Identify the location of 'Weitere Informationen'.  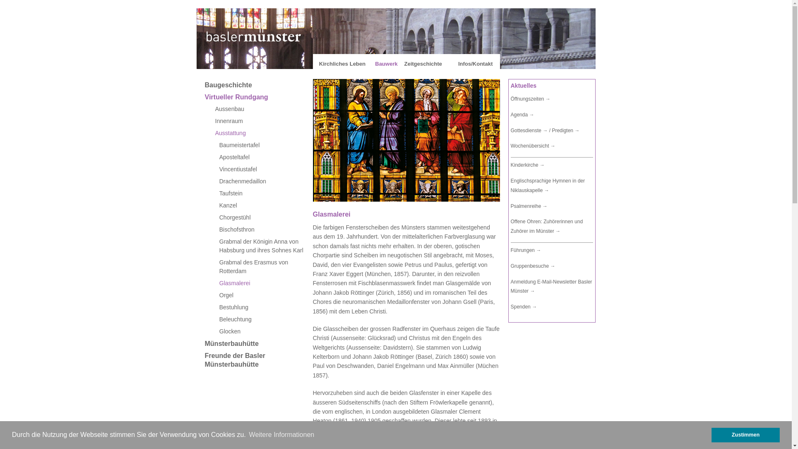
(281, 434).